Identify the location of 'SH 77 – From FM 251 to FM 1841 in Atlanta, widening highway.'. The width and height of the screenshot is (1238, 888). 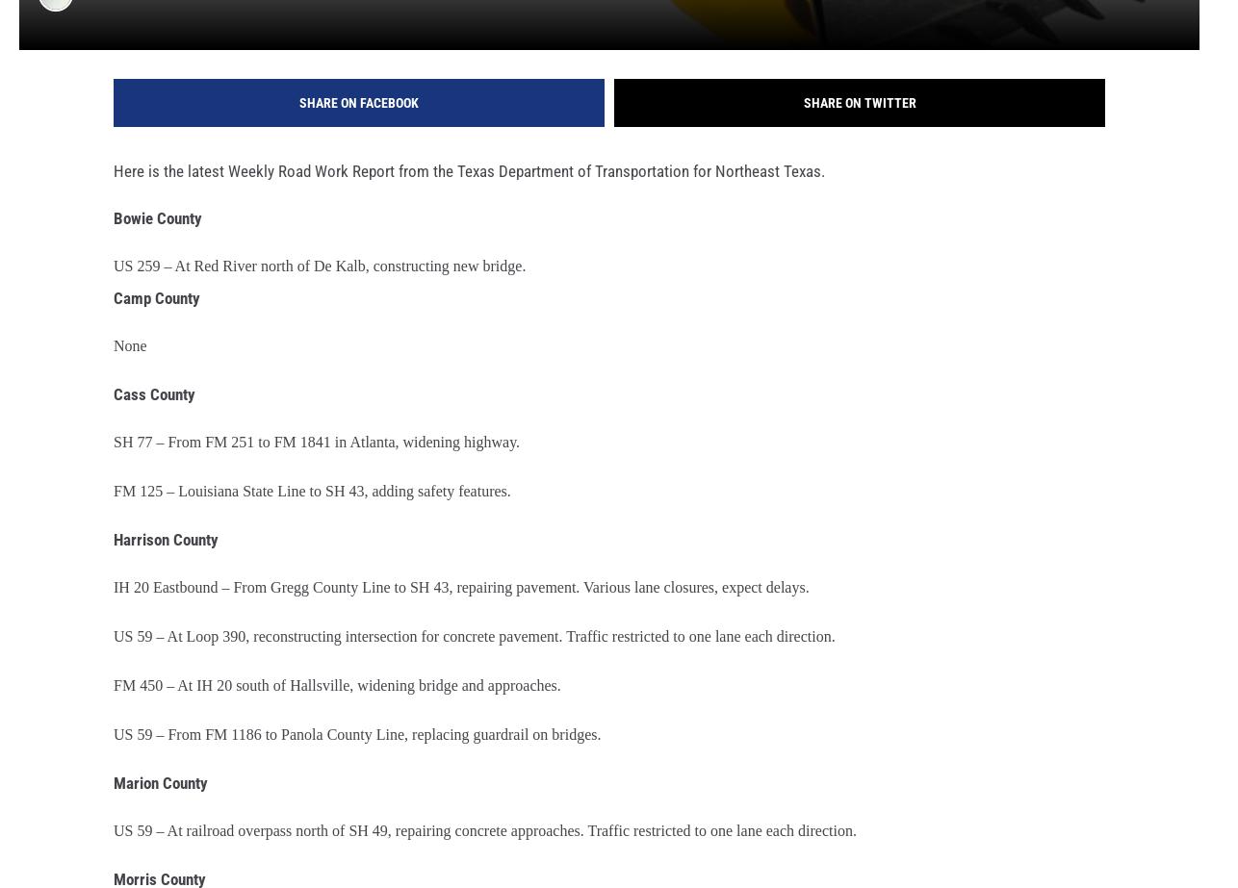
(315, 454).